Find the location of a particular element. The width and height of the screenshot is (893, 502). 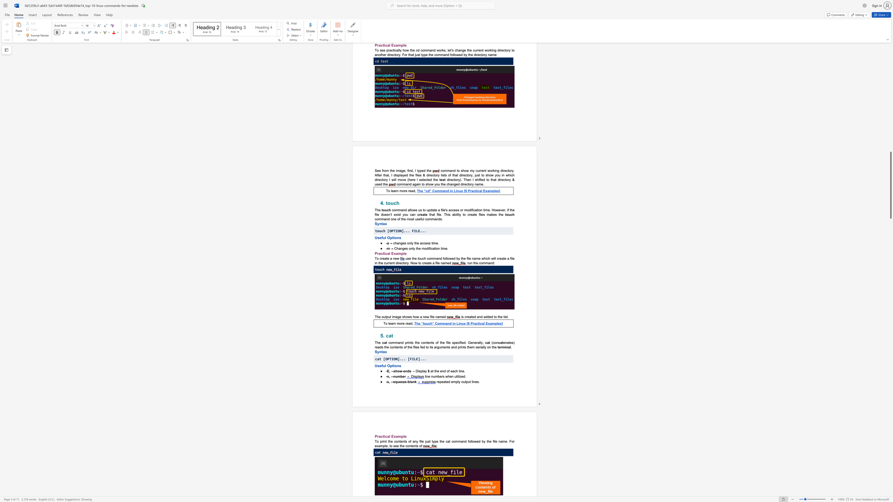

the 1th character "→" in the text is located at coordinates (413, 371).